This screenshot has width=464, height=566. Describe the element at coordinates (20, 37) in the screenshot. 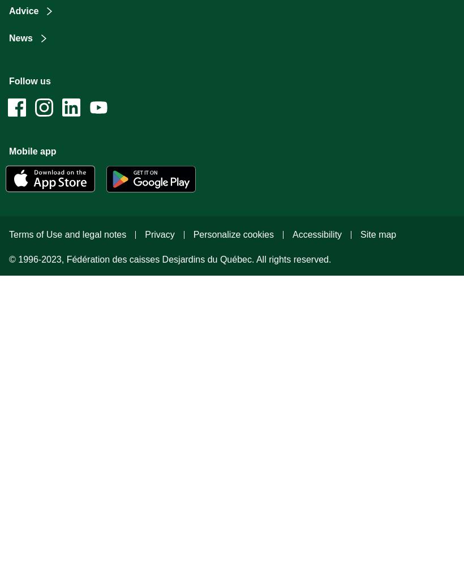

I see `'News'` at that location.